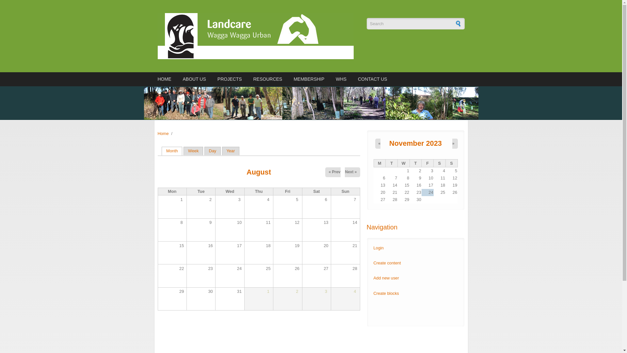  I want to click on 'November 2023', so click(389, 143).